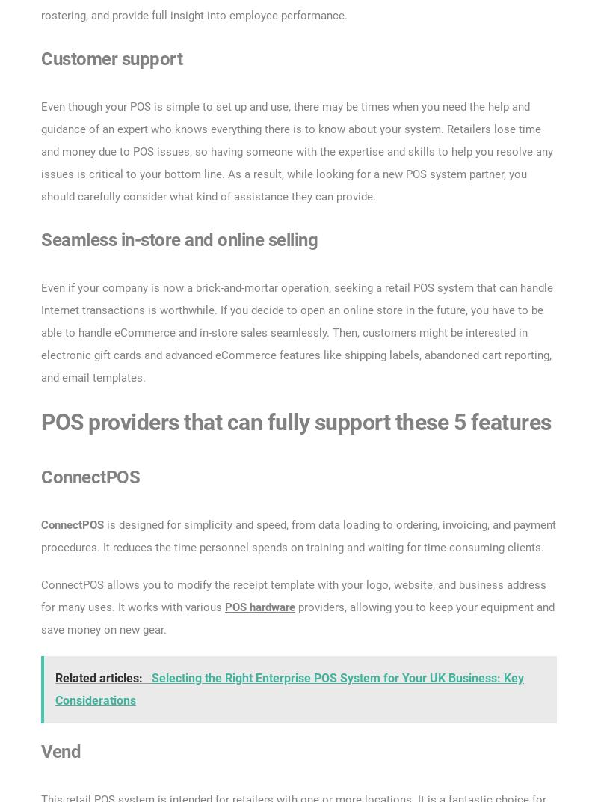  Describe the element at coordinates (100, 677) in the screenshot. I see `'Related articles:'` at that location.